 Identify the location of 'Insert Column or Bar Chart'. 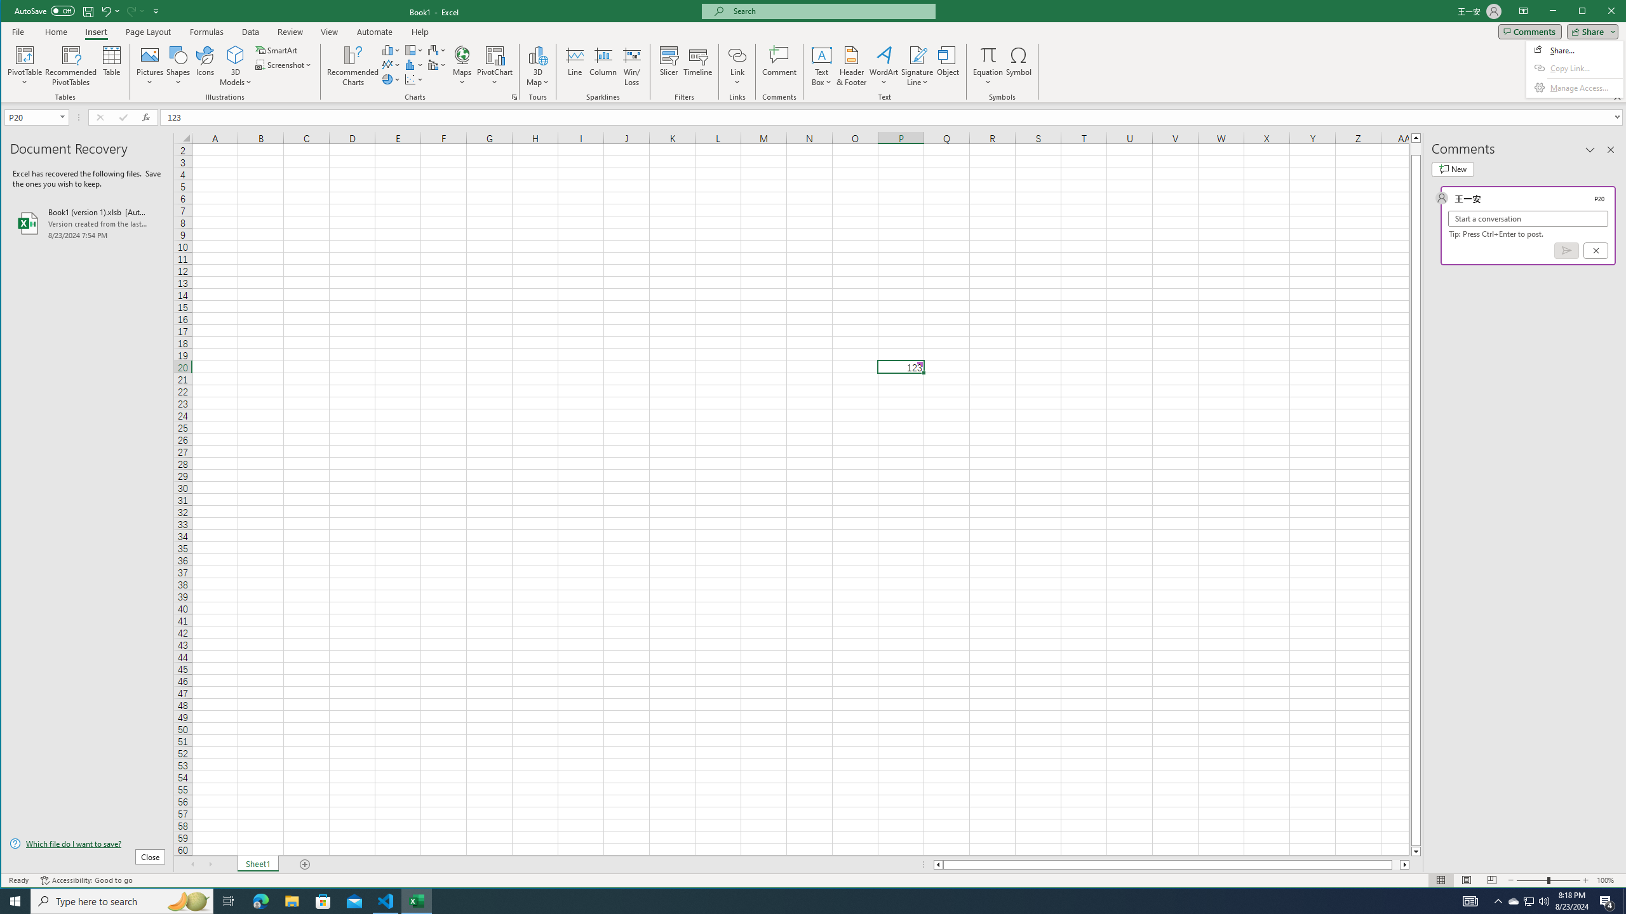
(391, 50).